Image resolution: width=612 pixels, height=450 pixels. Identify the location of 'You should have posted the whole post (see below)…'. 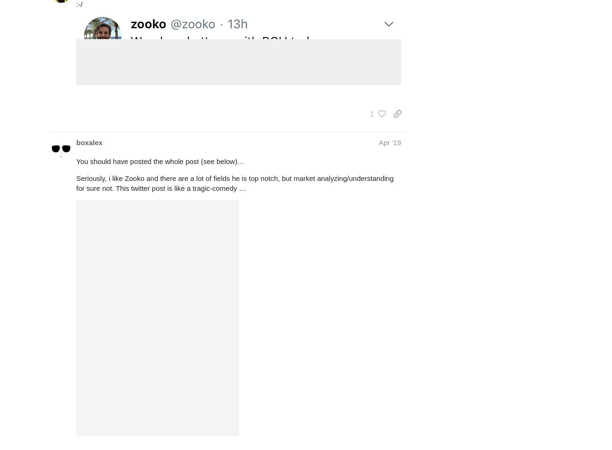
(160, 161).